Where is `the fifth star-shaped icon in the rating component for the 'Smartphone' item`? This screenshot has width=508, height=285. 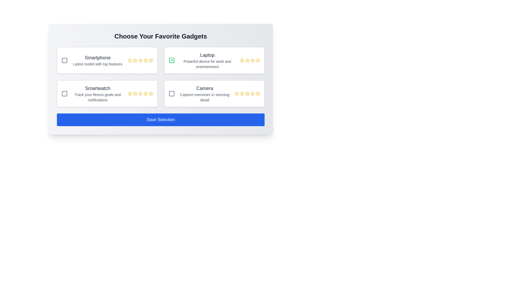
the fifth star-shaped icon in the rating component for the 'Smartphone' item is located at coordinates (146, 60).